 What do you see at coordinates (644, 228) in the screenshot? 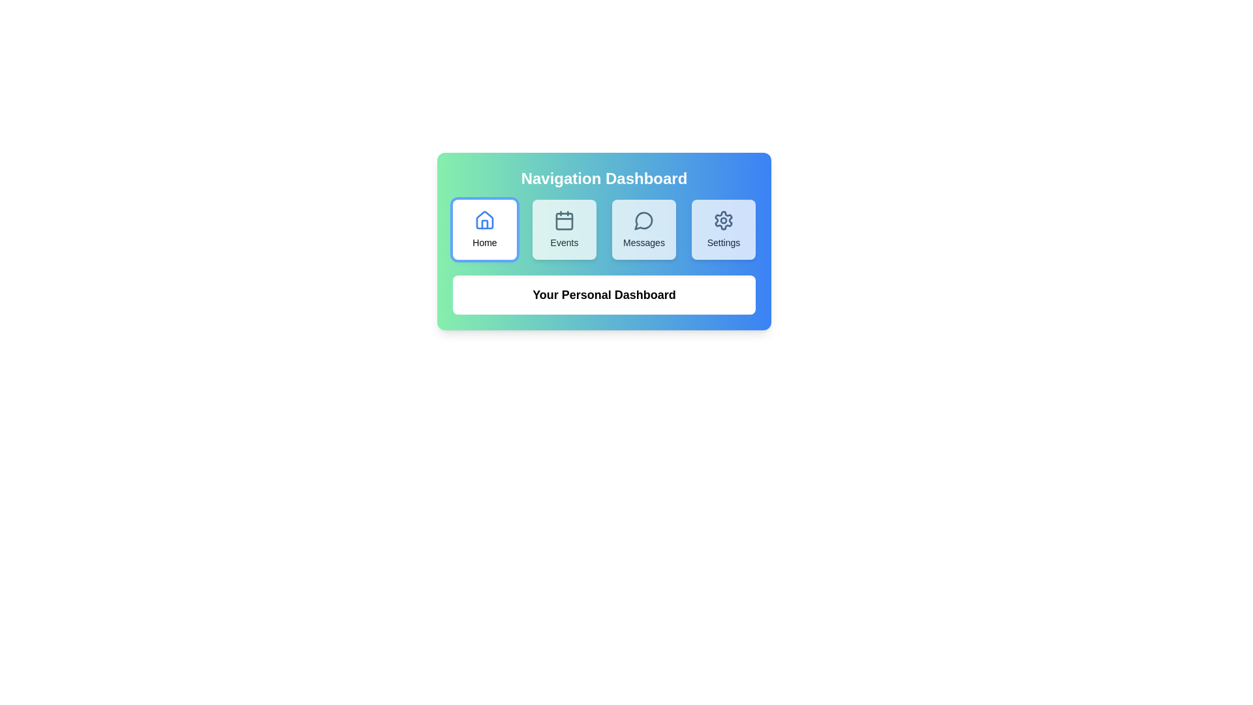
I see `the 'Messages' button located in the third column of the navigation dashboard` at bounding box center [644, 228].